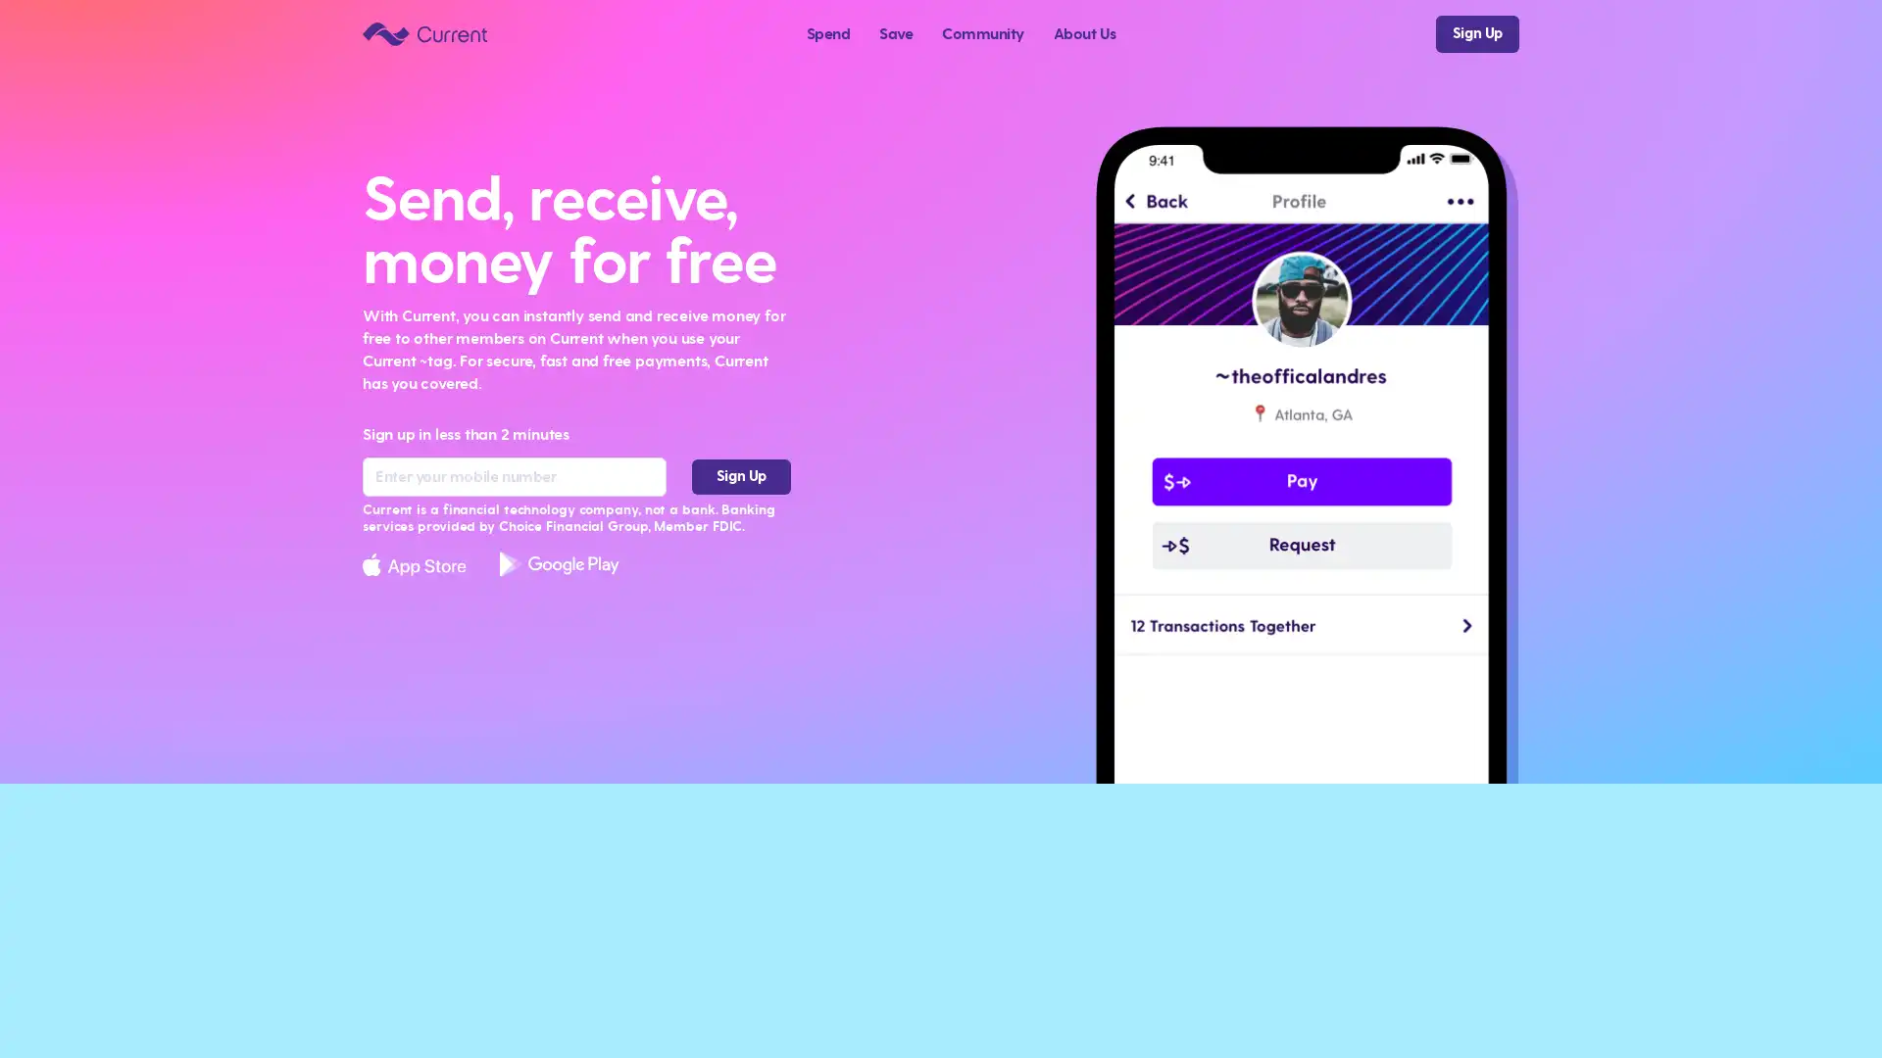 The height and width of the screenshot is (1058, 1882). What do you see at coordinates (423, 32) in the screenshot?
I see `Current logo` at bounding box center [423, 32].